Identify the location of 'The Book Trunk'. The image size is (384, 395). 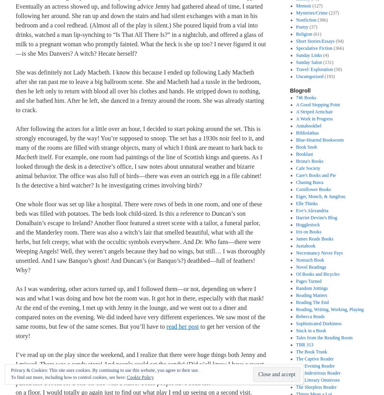
(311, 351).